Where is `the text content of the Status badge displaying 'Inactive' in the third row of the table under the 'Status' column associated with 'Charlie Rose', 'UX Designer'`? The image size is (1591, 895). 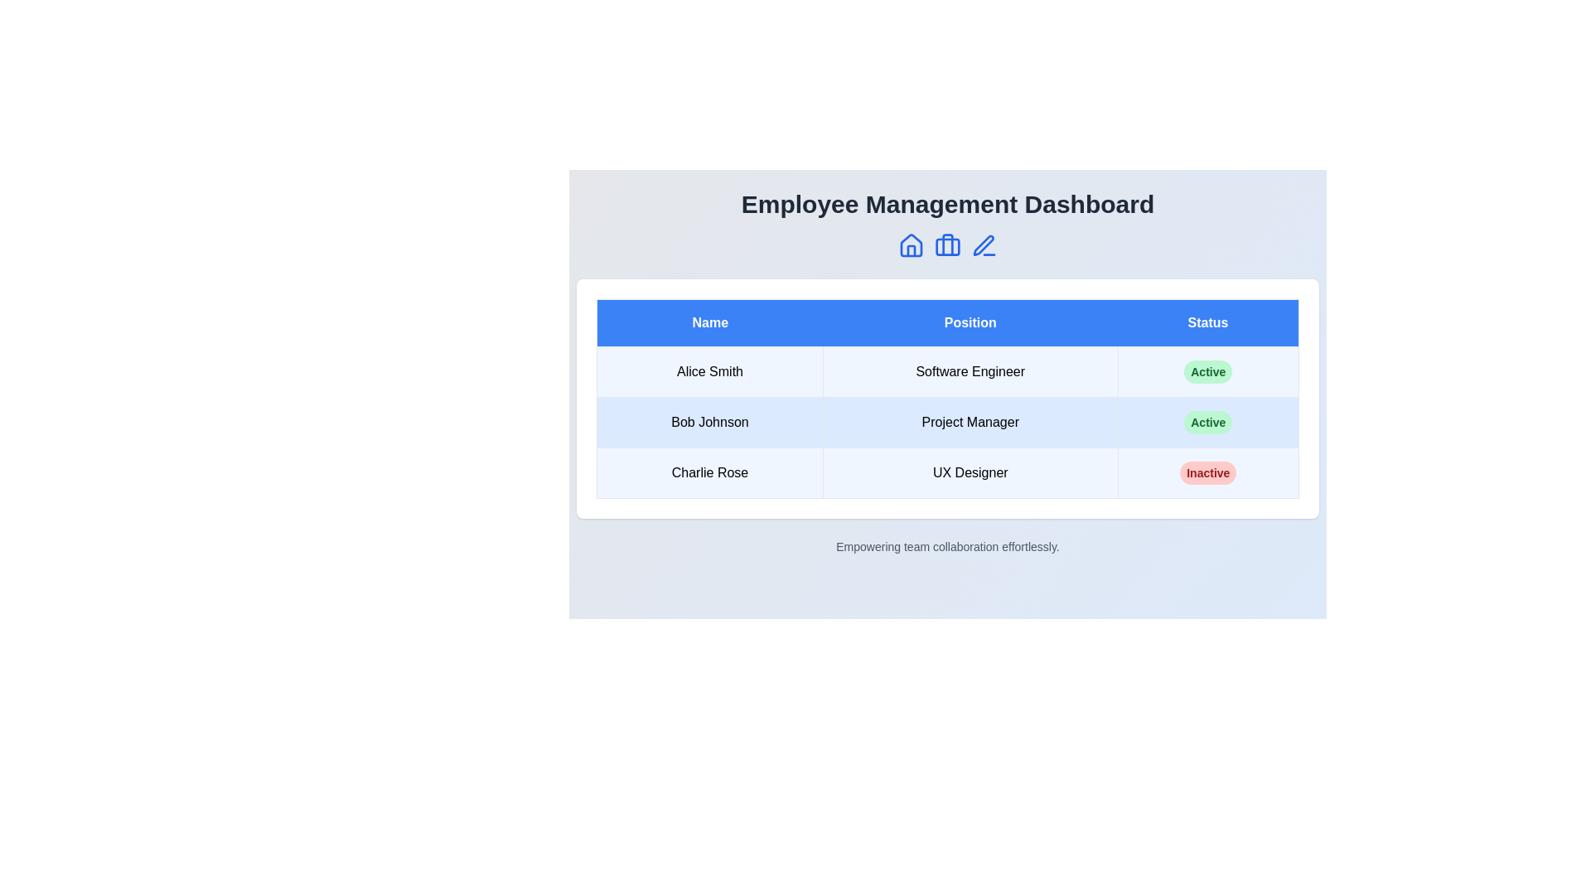
the text content of the Status badge displaying 'Inactive' in the third row of the table under the 'Status' column associated with 'Charlie Rose', 'UX Designer' is located at coordinates (1208, 472).